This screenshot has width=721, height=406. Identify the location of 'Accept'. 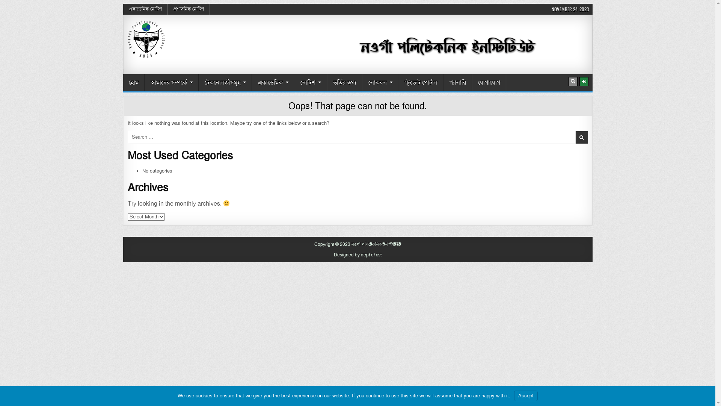
(525, 395).